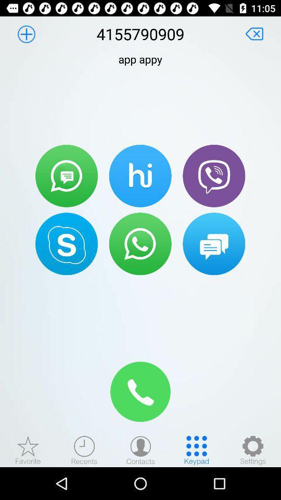  I want to click on find recents, so click(84, 449).